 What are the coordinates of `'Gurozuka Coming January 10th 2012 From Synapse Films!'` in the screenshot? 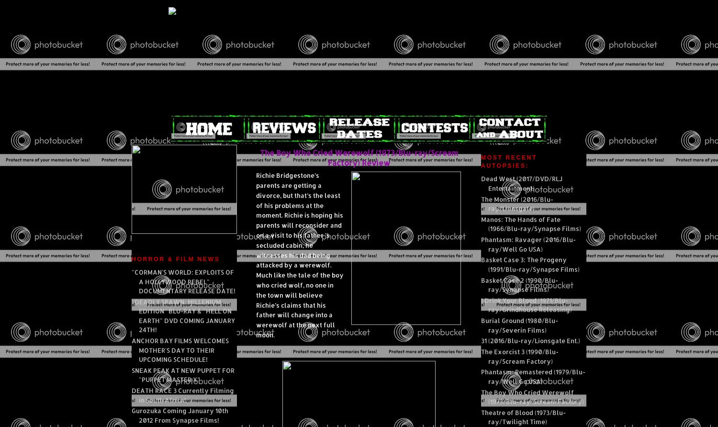 It's located at (180, 415).